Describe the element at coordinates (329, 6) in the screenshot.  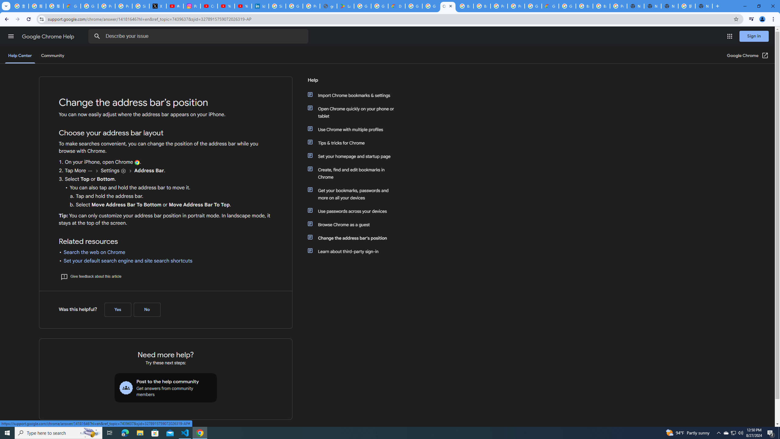
I see `'google_privacy_policy_en.pdf'` at that location.